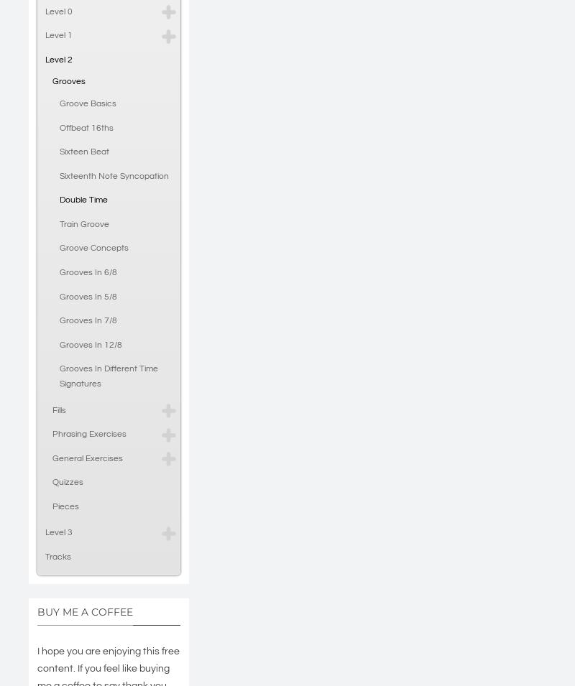  I want to click on 'Grooves', so click(69, 80).